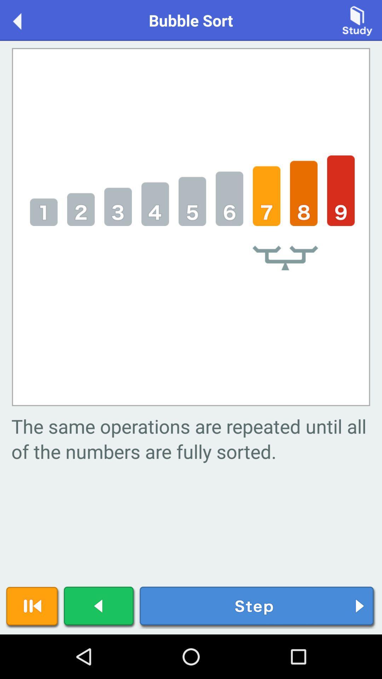 Image resolution: width=382 pixels, height=679 pixels. Describe the element at coordinates (99, 607) in the screenshot. I see `play` at that location.